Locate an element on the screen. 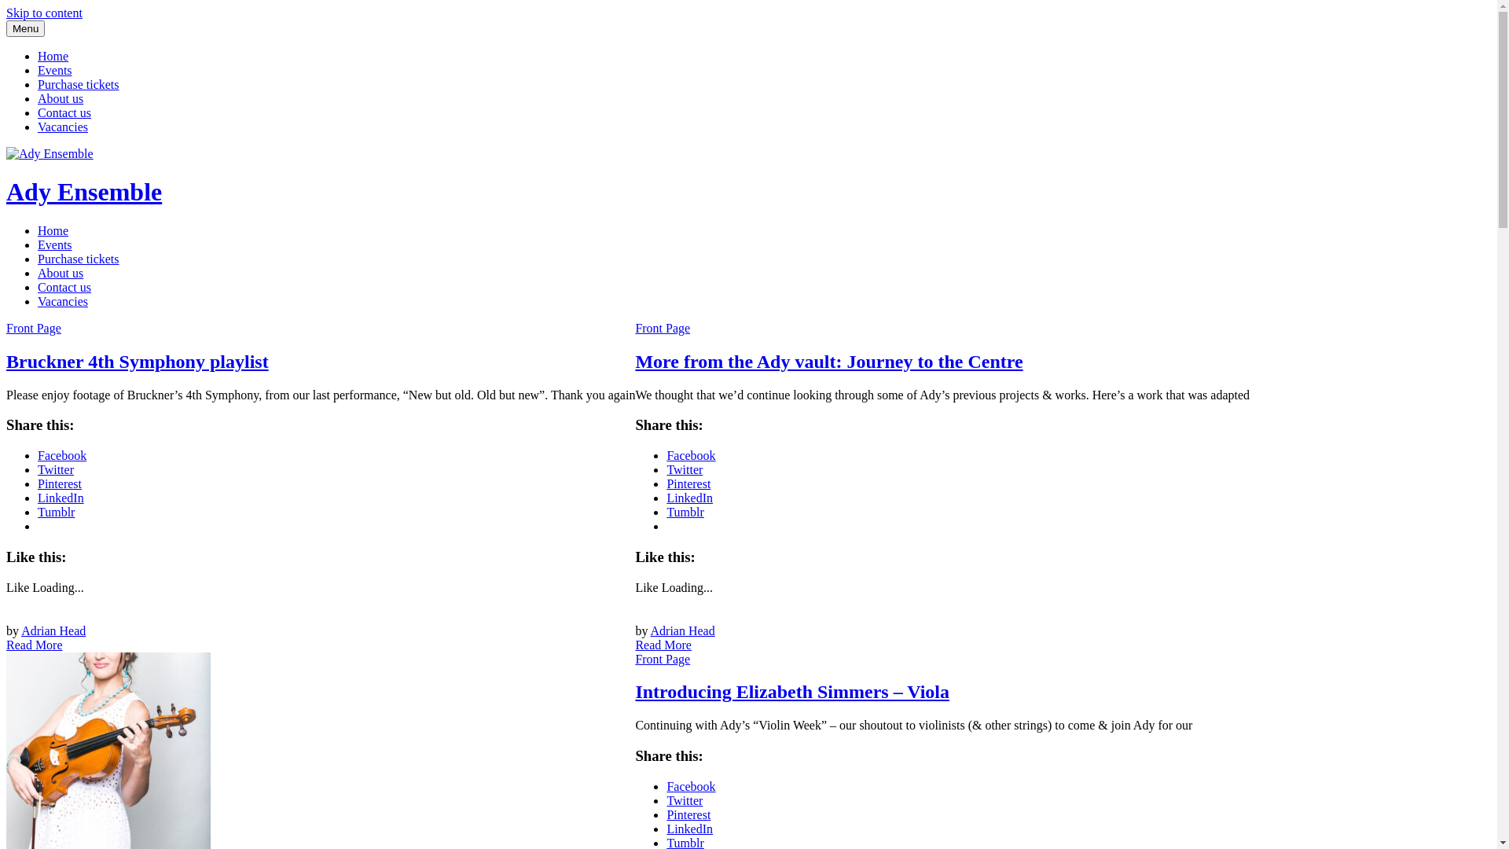 The image size is (1509, 849). 'Twitter' is located at coordinates (684, 469).